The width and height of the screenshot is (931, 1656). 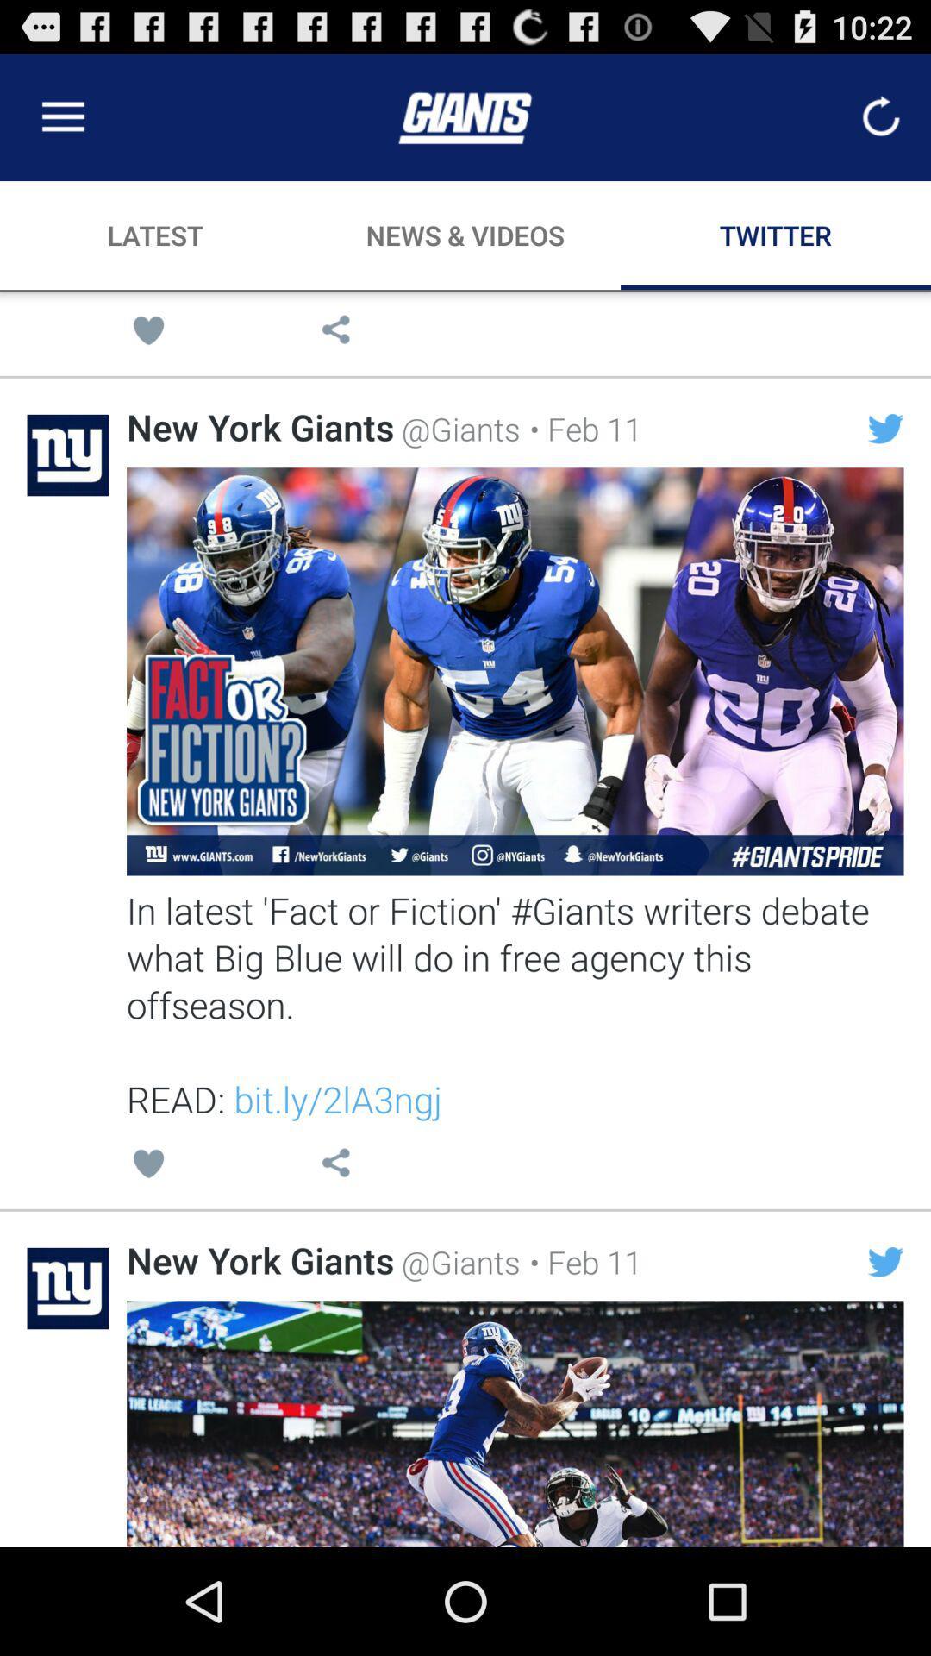 I want to click on icon above the latest item, so click(x=62, y=116).